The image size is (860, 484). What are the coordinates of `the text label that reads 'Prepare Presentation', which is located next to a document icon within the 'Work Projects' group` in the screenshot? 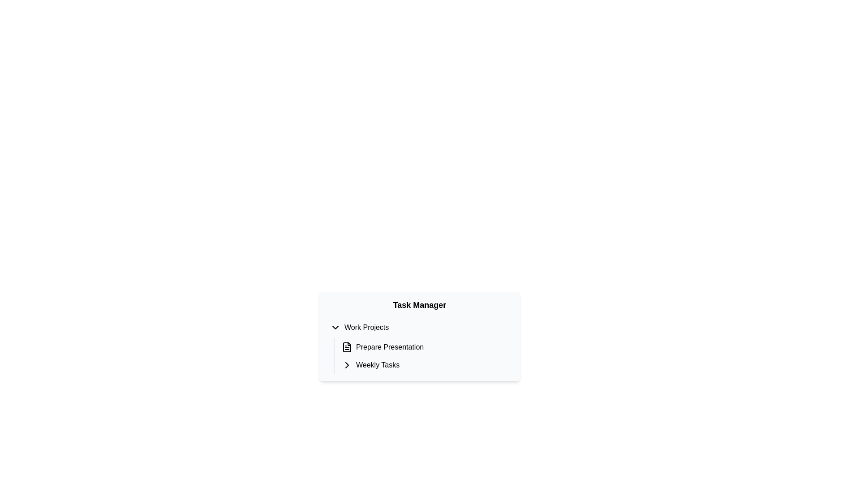 It's located at (390, 347).